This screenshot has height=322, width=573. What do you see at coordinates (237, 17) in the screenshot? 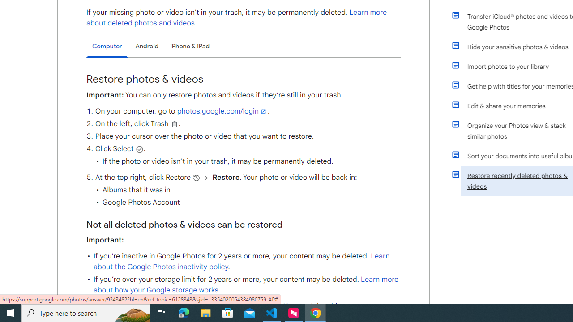
I see `'Learn more about deleted photos and videos'` at bounding box center [237, 17].